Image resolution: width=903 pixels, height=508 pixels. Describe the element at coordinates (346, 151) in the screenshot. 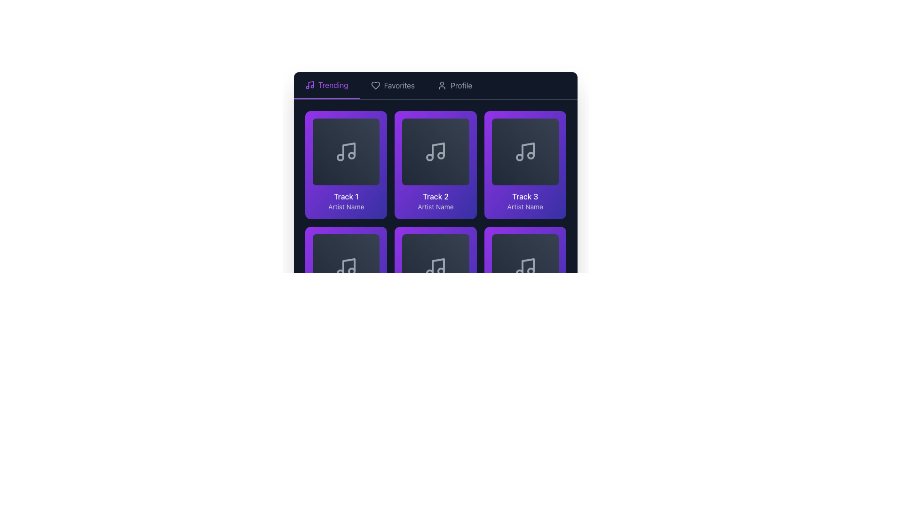

I see `the stylized musical note icon located` at that location.